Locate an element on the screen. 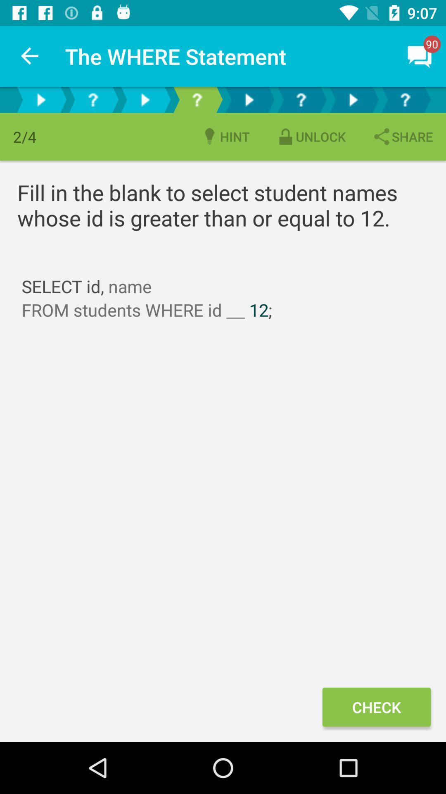  click play option is located at coordinates (248, 99).